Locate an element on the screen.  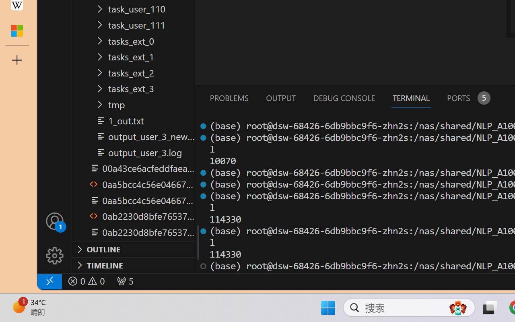
'Accounts - Sign in requested' is located at coordinates (54, 221).